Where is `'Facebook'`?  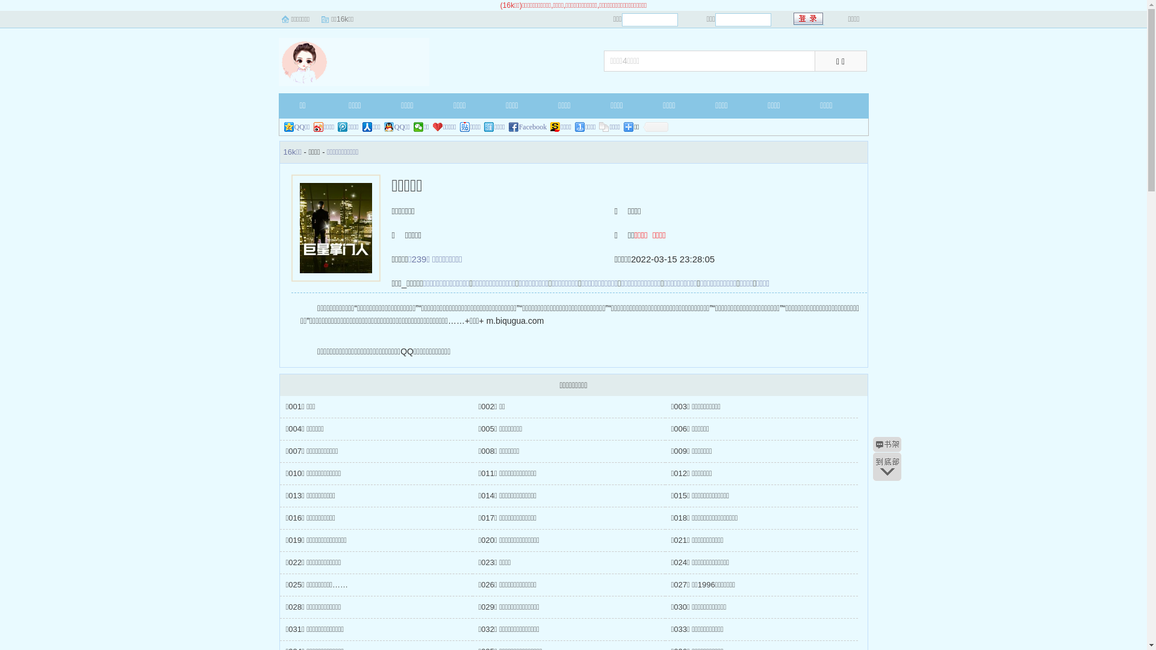 'Facebook' is located at coordinates (508, 127).